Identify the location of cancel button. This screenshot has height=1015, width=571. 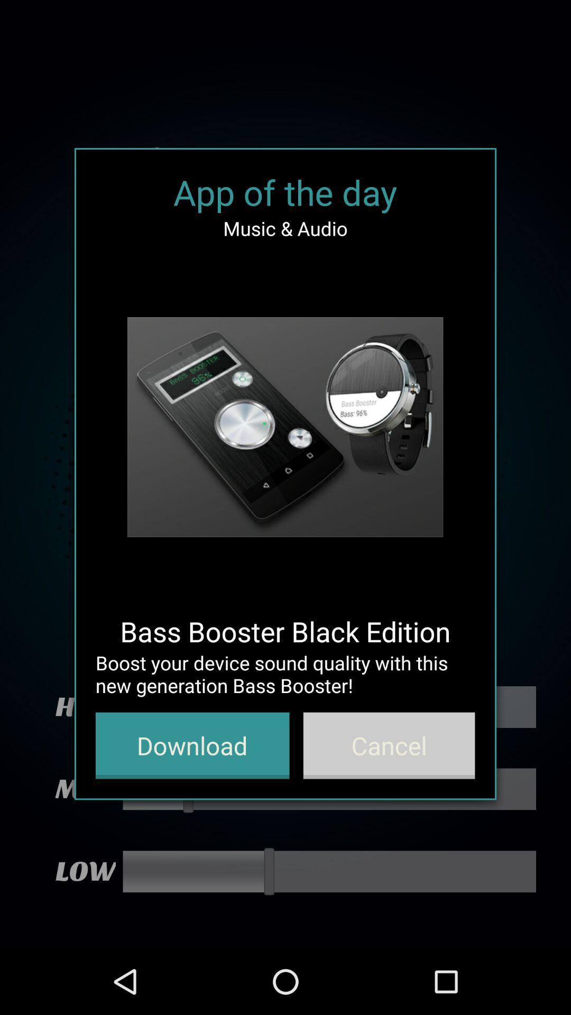
(389, 745).